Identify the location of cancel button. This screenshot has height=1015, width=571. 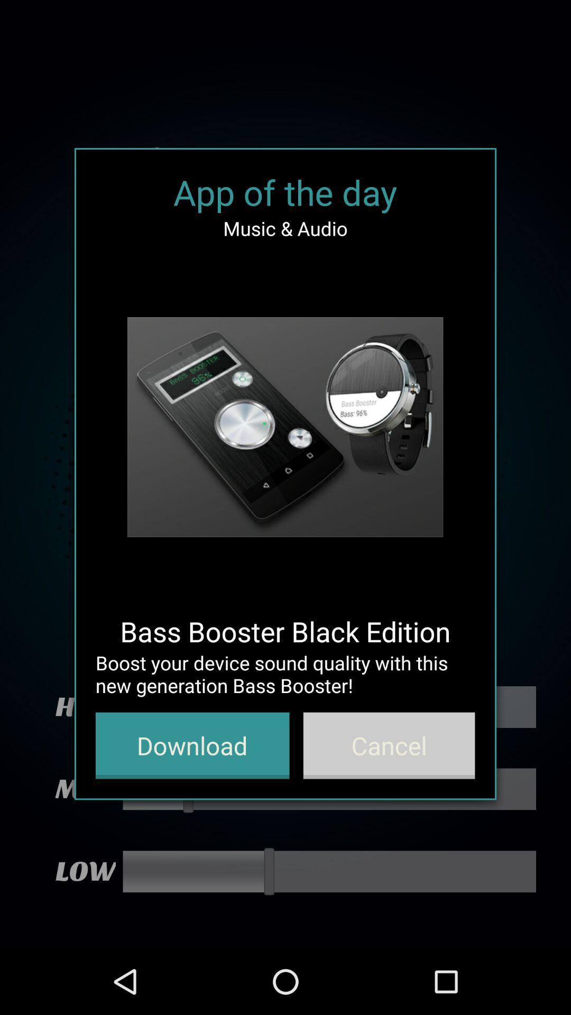
(389, 745).